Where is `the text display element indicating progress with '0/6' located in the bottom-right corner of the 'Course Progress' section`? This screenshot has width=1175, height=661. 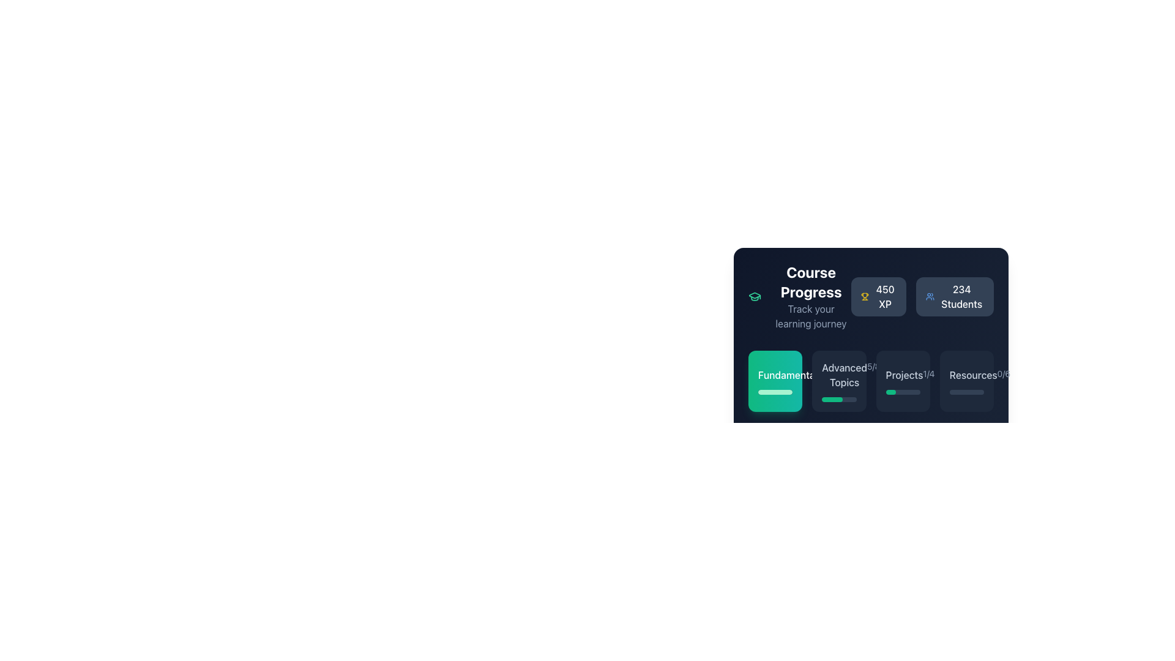
the text display element indicating progress with '0/6' located in the bottom-right corner of the 'Course Progress' section is located at coordinates (966, 375).